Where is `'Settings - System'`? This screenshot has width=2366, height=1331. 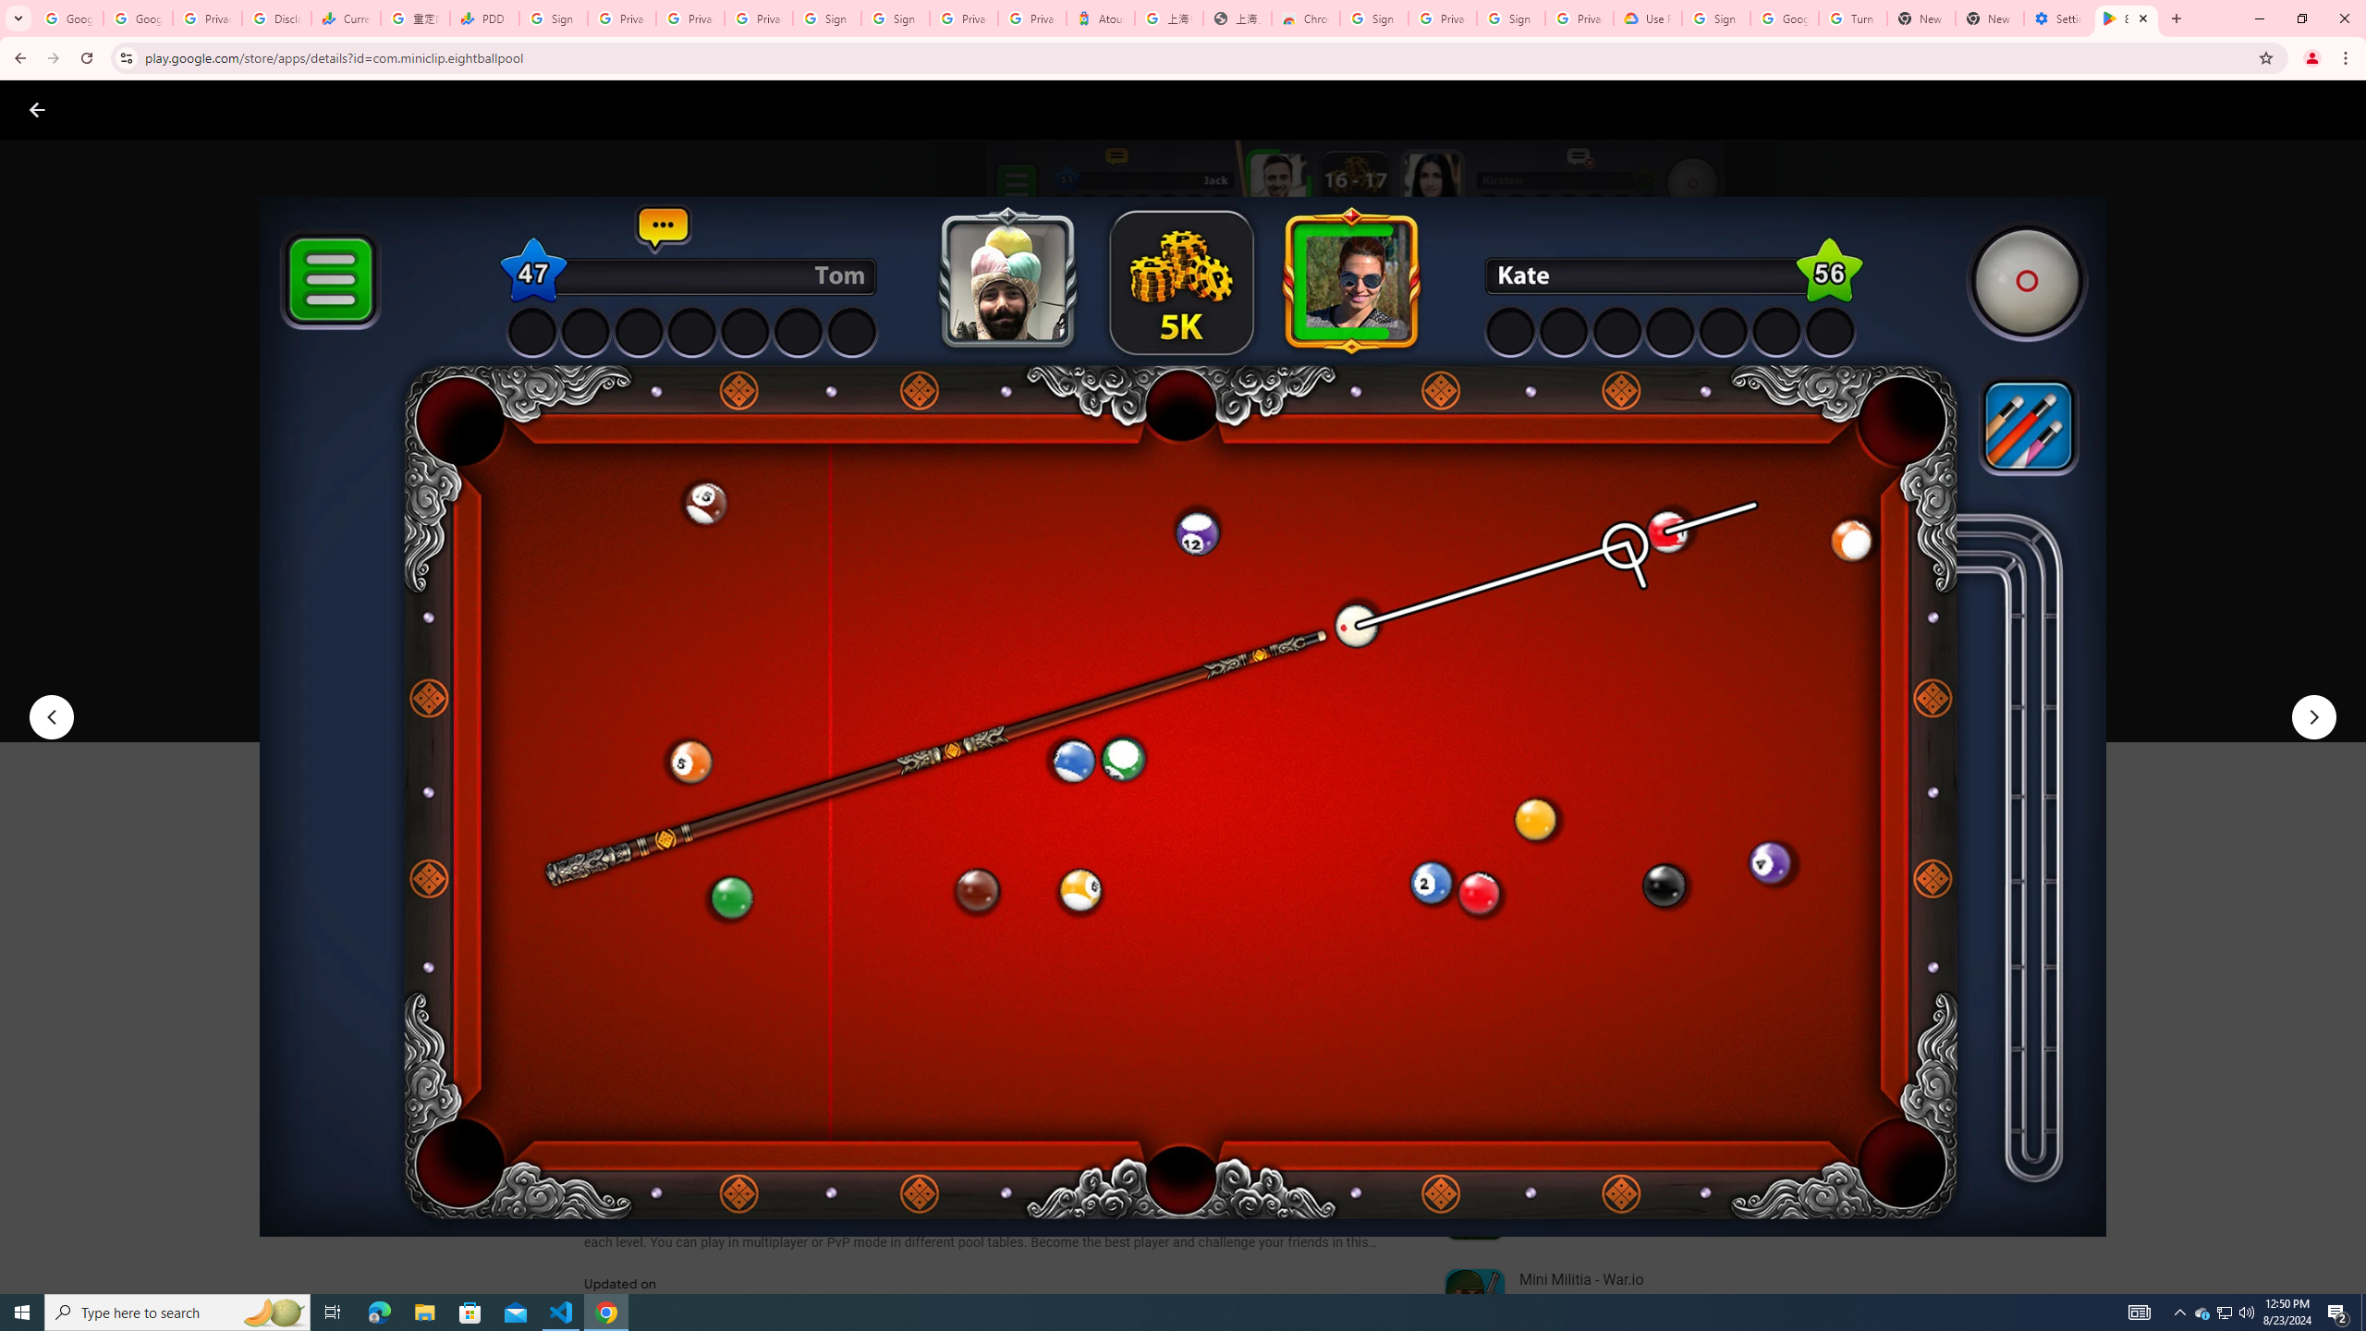
'Settings - System' is located at coordinates (2057, 18).